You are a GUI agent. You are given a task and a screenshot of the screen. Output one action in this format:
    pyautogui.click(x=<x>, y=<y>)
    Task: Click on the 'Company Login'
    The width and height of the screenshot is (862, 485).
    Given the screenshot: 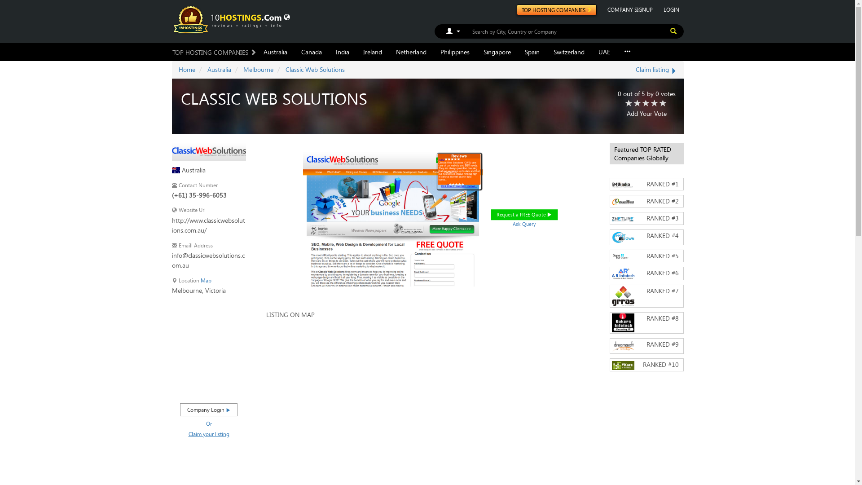 What is the action you would take?
    pyautogui.click(x=208, y=410)
    